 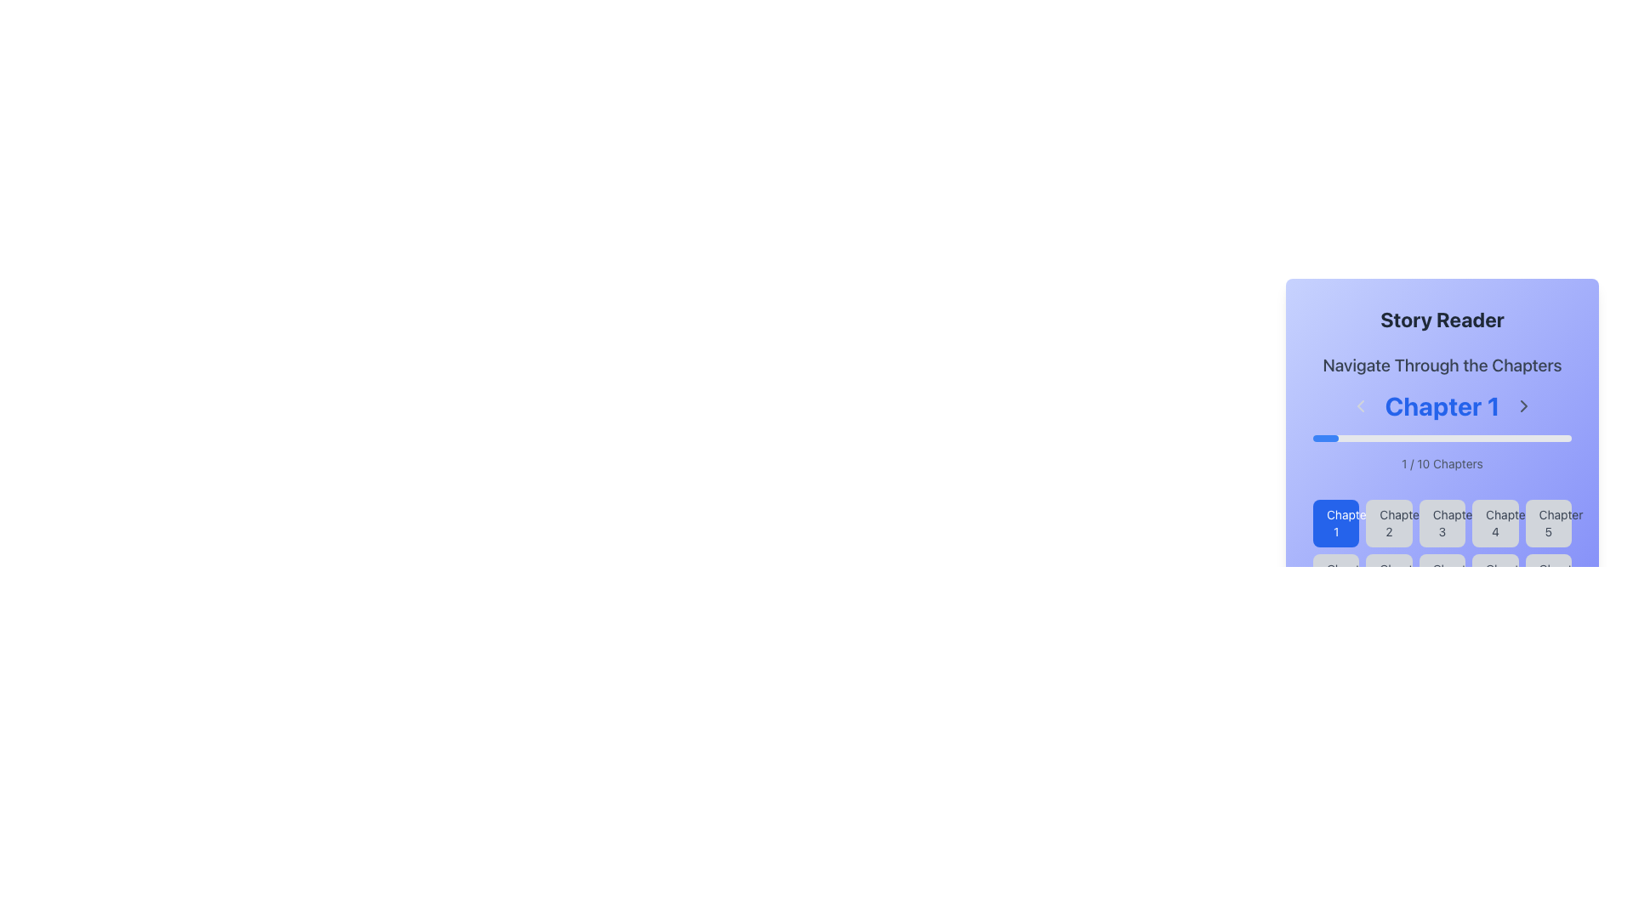 What do you see at coordinates (1441, 406) in the screenshot?
I see `chapter title displayed on the bold and large text label 'Chapter 1' in bright blue color, located at the center of the 'Navigate Through the Chapters' section` at bounding box center [1441, 406].